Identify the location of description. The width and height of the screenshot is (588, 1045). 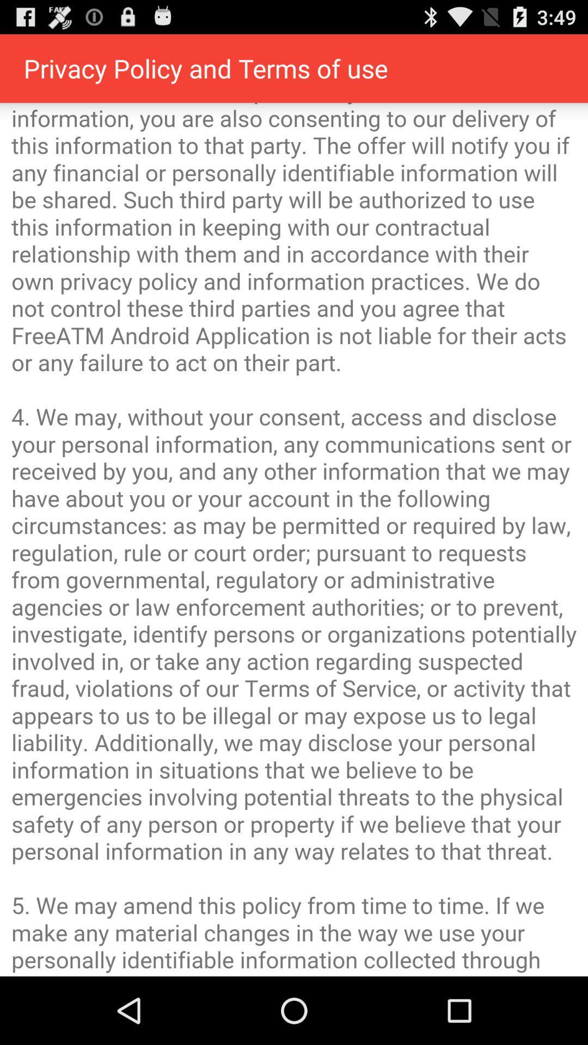
(294, 539).